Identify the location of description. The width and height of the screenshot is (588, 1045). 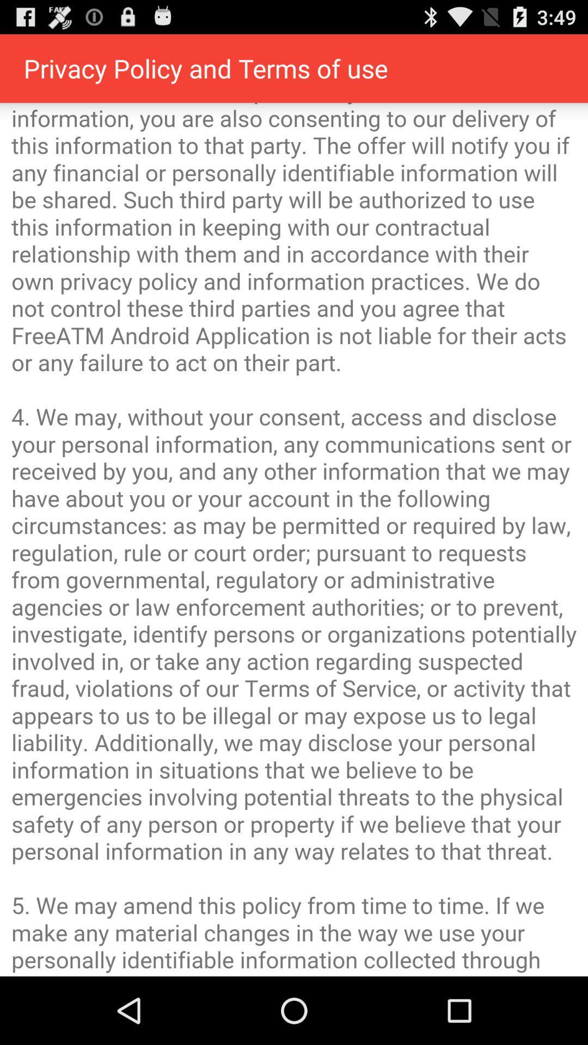
(294, 539).